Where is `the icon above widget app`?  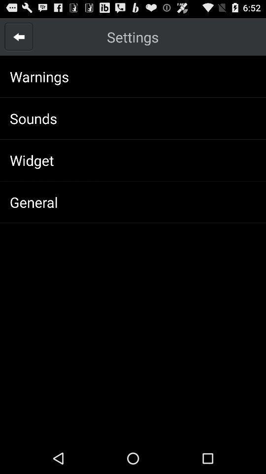 the icon above widget app is located at coordinates (33, 118).